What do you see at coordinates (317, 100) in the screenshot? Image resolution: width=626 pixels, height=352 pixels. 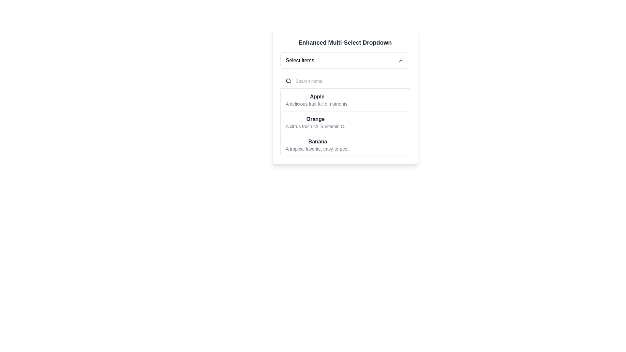 I see `the static text element displaying the label 'Apple' and its description 'A delicious fruit full of nutrients.' which is located within a dropdown menu` at bounding box center [317, 100].